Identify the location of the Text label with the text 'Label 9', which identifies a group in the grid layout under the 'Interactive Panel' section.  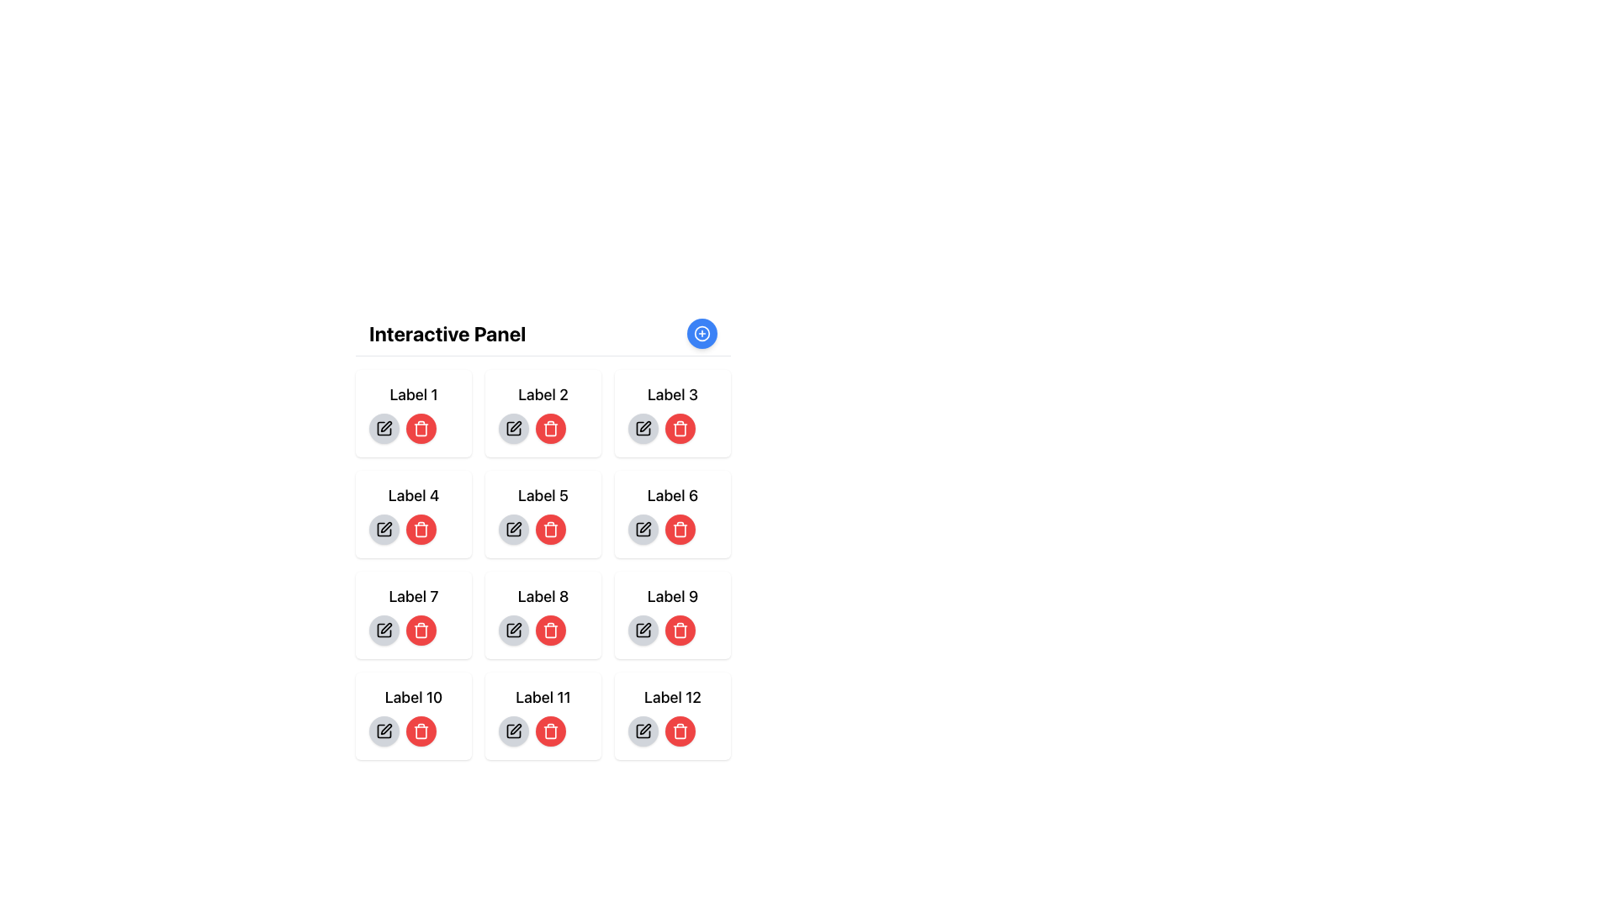
(673, 595).